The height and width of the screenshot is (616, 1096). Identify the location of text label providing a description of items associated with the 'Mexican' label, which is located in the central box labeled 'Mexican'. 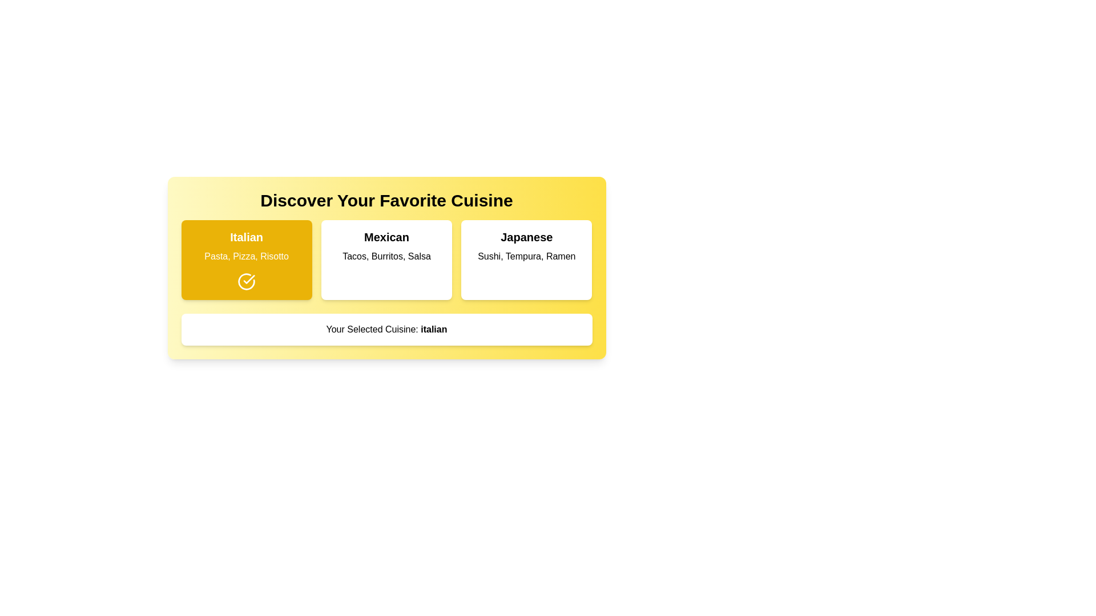
(386, 257).